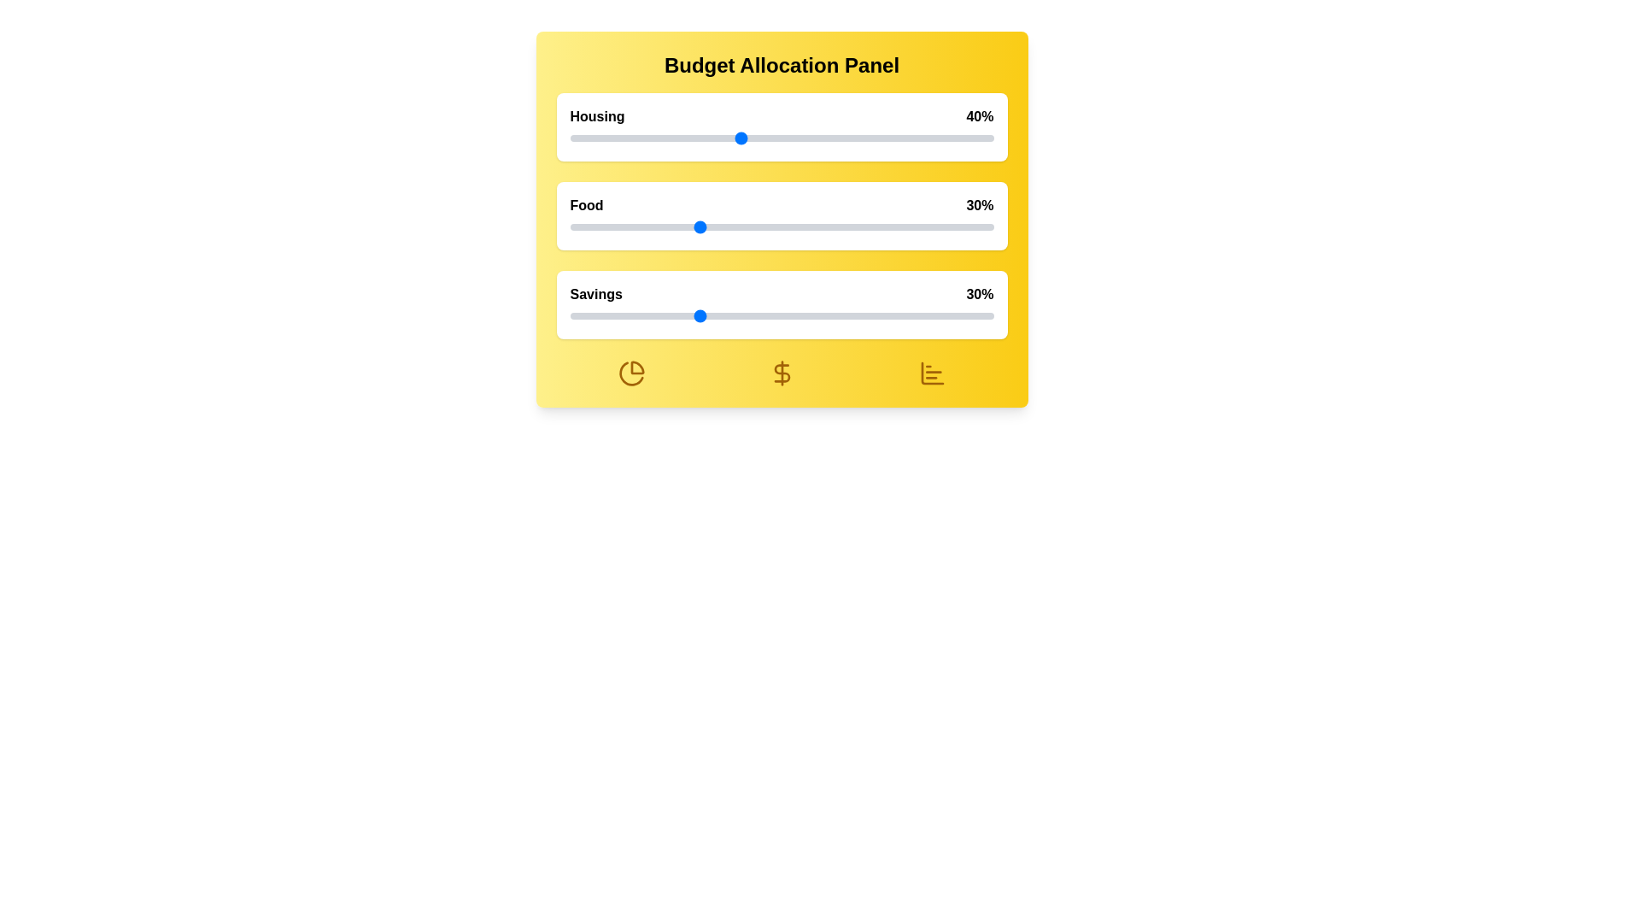 This screenshot has width=1640, height=923. Describe the element at coordinates (662, 226) in the screenshot. I see `the slider` at that location.